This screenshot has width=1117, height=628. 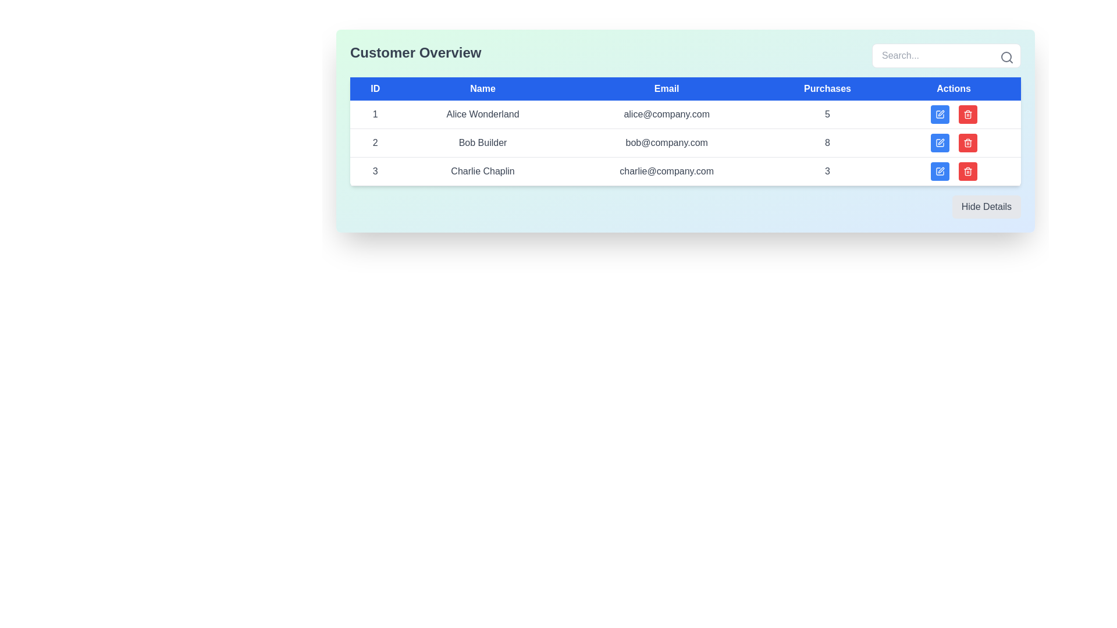 I want to click on the text label 'Alice Wonderland' located in the 'Customer Overview' section under the 'Name' column heading, so click(x=483, y=115).